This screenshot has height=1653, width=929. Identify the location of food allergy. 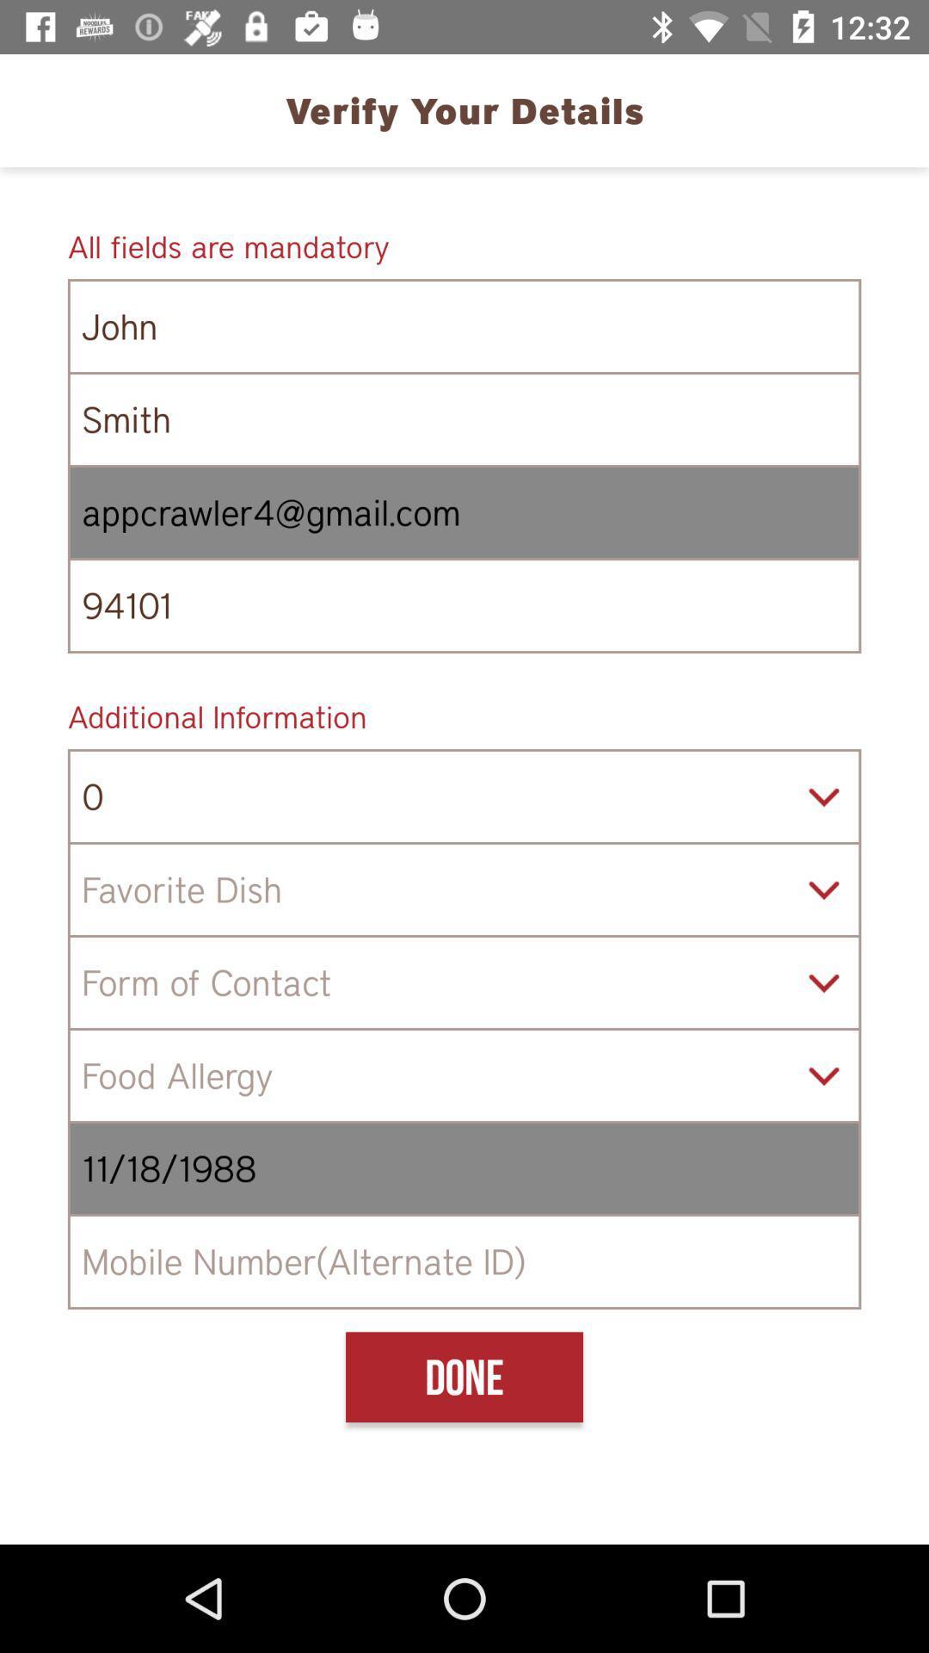
(464, 1074).